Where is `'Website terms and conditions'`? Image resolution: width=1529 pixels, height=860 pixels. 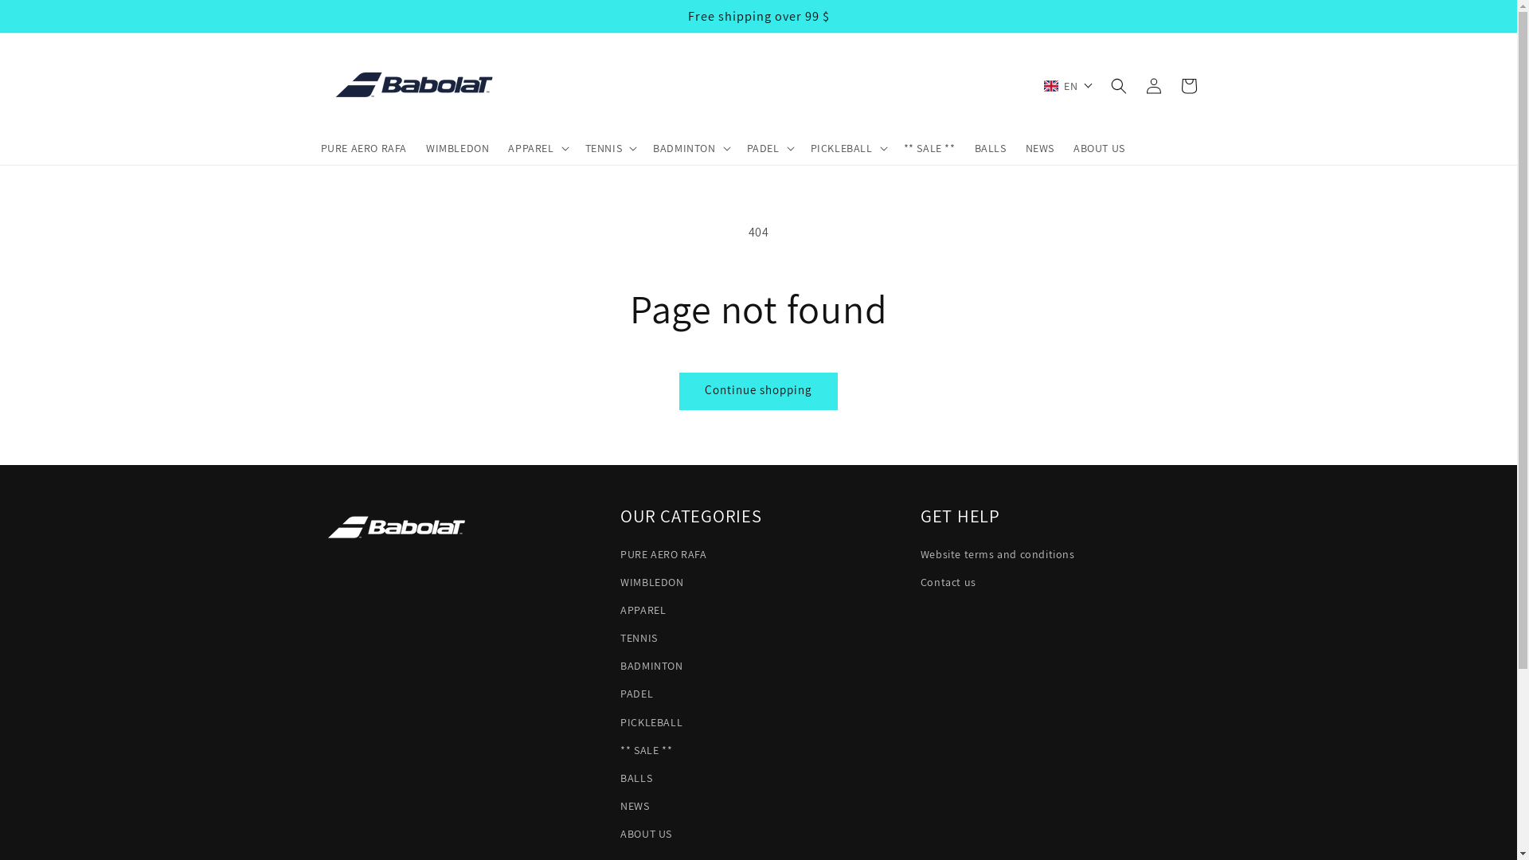
'Website terms and conditions' is located at coordinates (996, 555).